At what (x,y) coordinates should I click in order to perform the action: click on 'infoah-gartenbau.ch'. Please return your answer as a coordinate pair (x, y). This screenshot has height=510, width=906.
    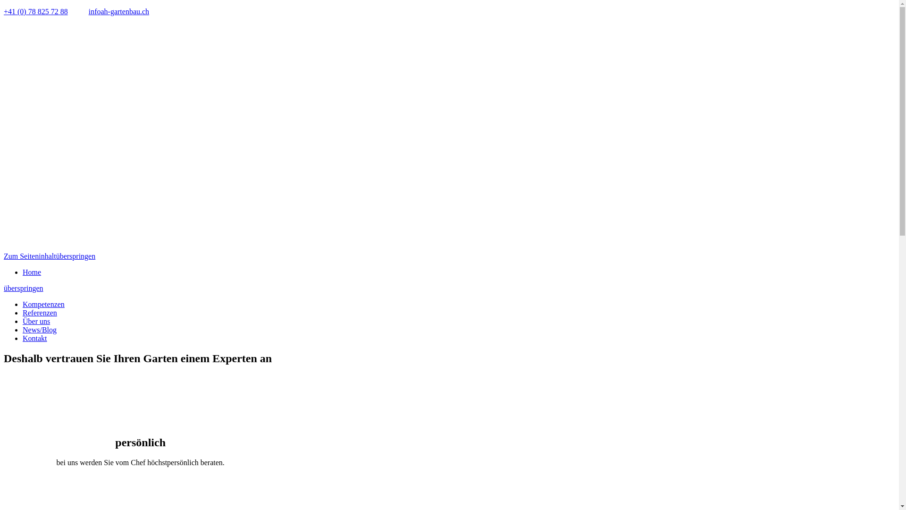
    Looking at the image, I should click on (118, 11).